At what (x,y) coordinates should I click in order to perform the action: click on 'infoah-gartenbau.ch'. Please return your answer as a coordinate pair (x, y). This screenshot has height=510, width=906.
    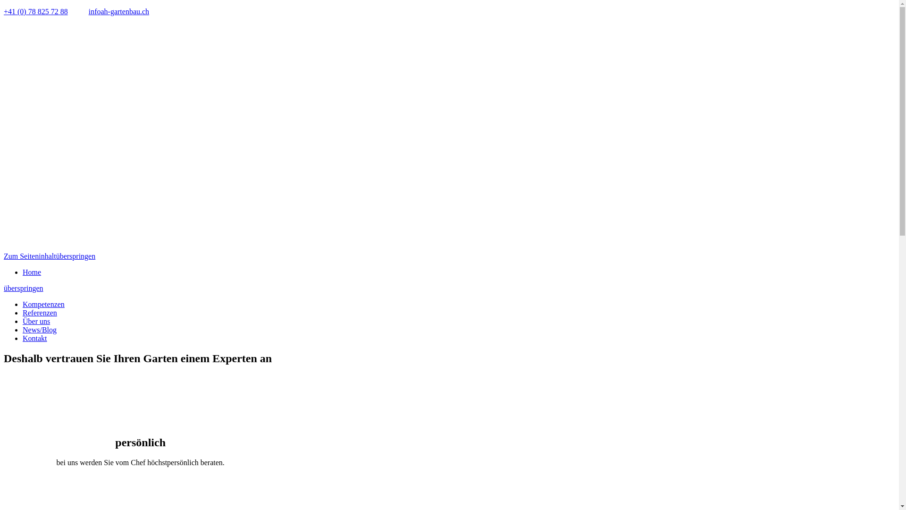
    Looking at the image, I should click on (118, 11).